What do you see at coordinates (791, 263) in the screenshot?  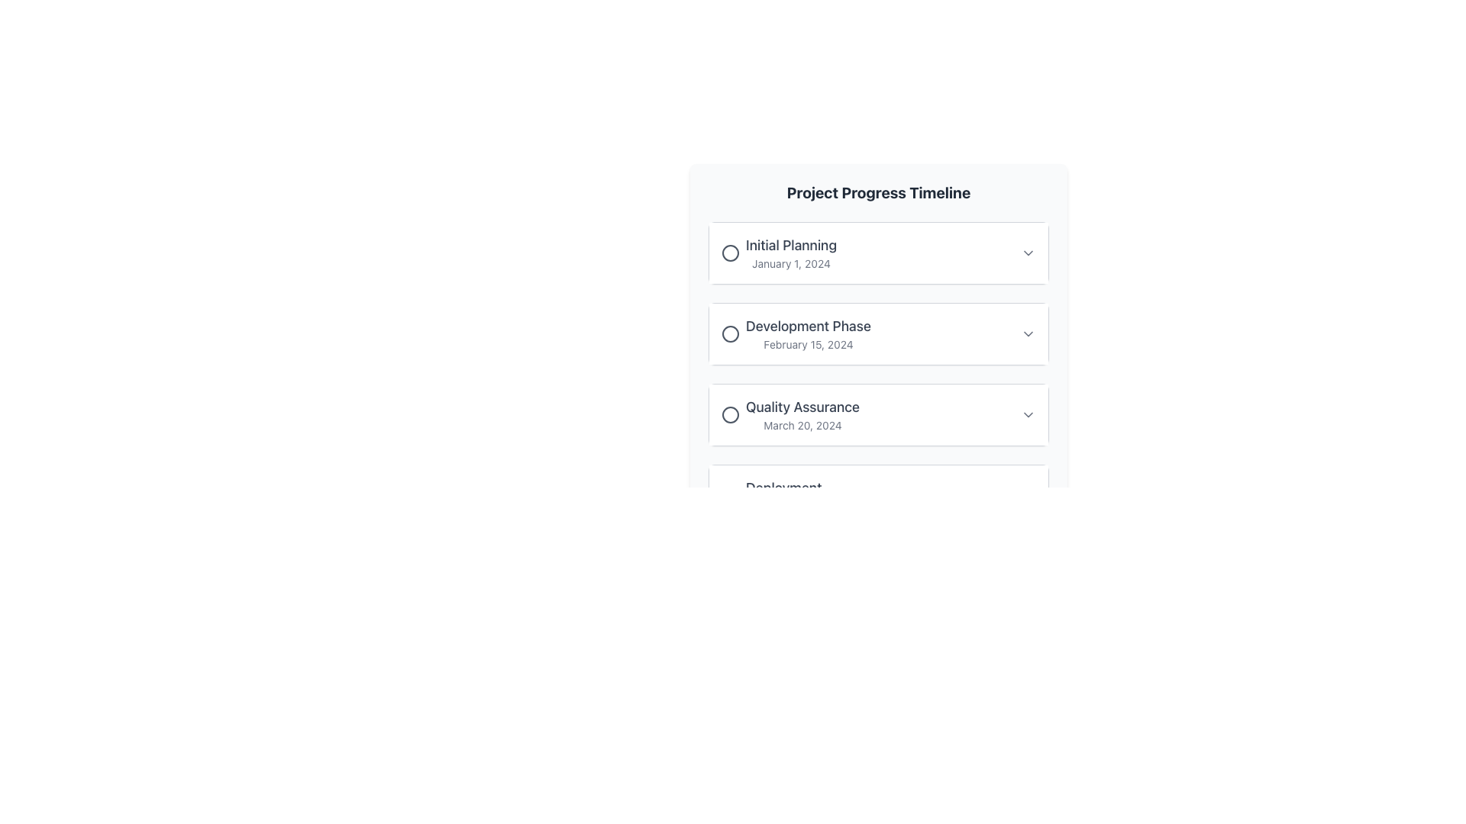 I see `the text label displaying 'January 1, 2024', which is styled with a small gray font and located under the title 'Initial Planning'` at bounding box center [791, 263].